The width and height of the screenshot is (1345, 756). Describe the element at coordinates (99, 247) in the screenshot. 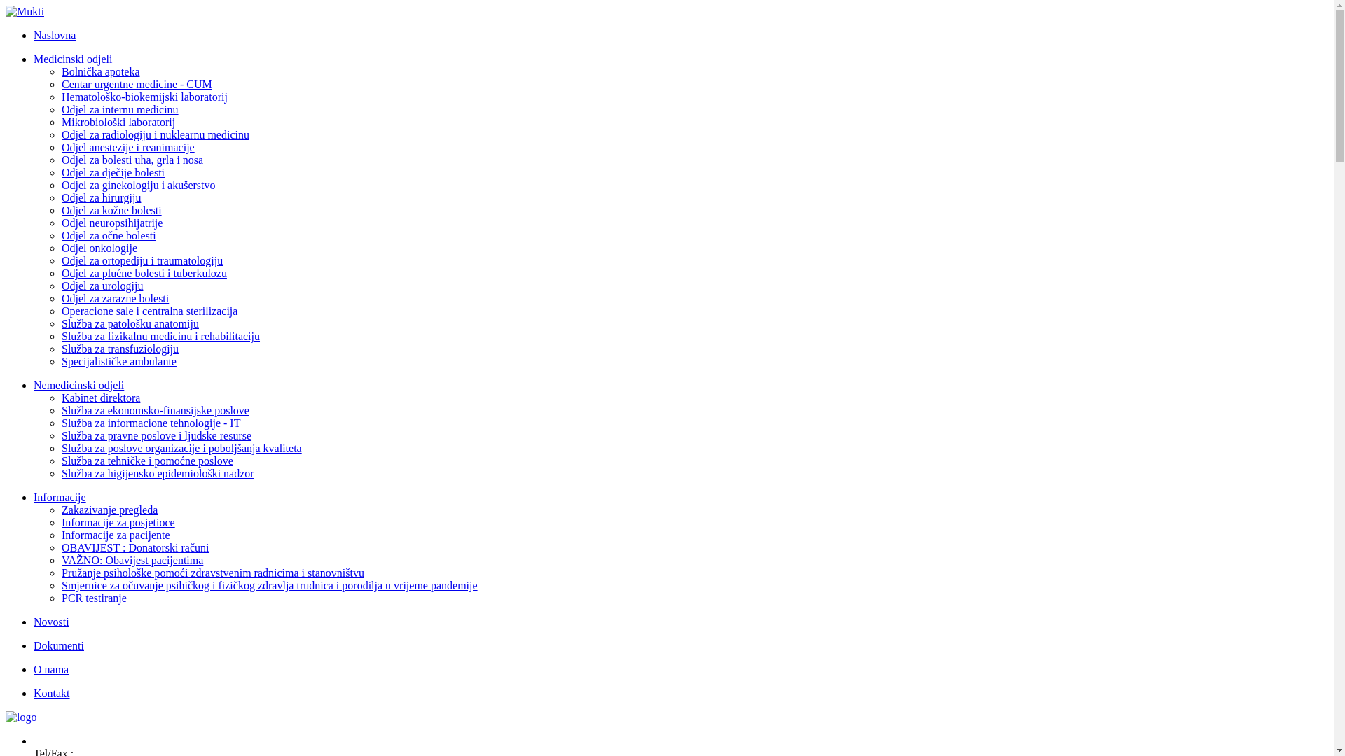

I see `'Odjel onkologije'` at that location.